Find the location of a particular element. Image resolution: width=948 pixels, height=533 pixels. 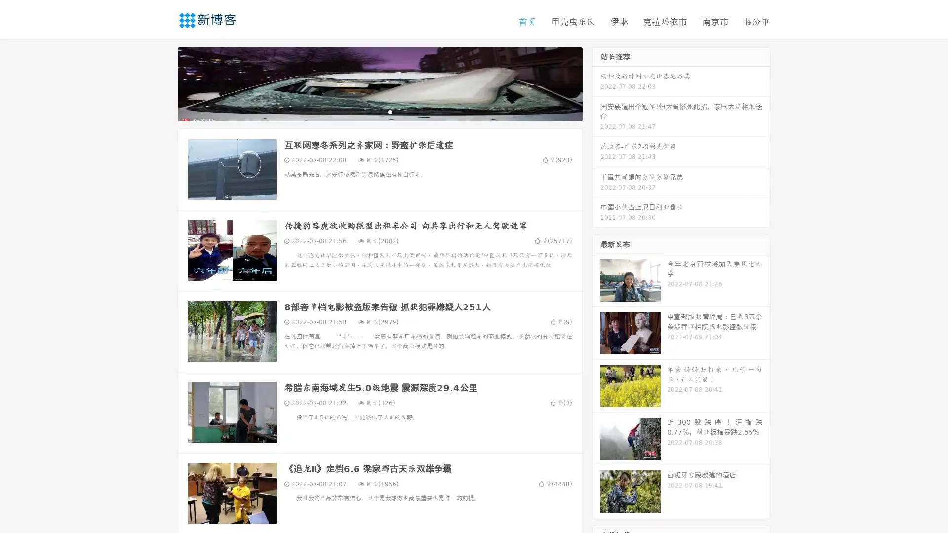

Go to slide 1 is located at coordinates (369, 111).